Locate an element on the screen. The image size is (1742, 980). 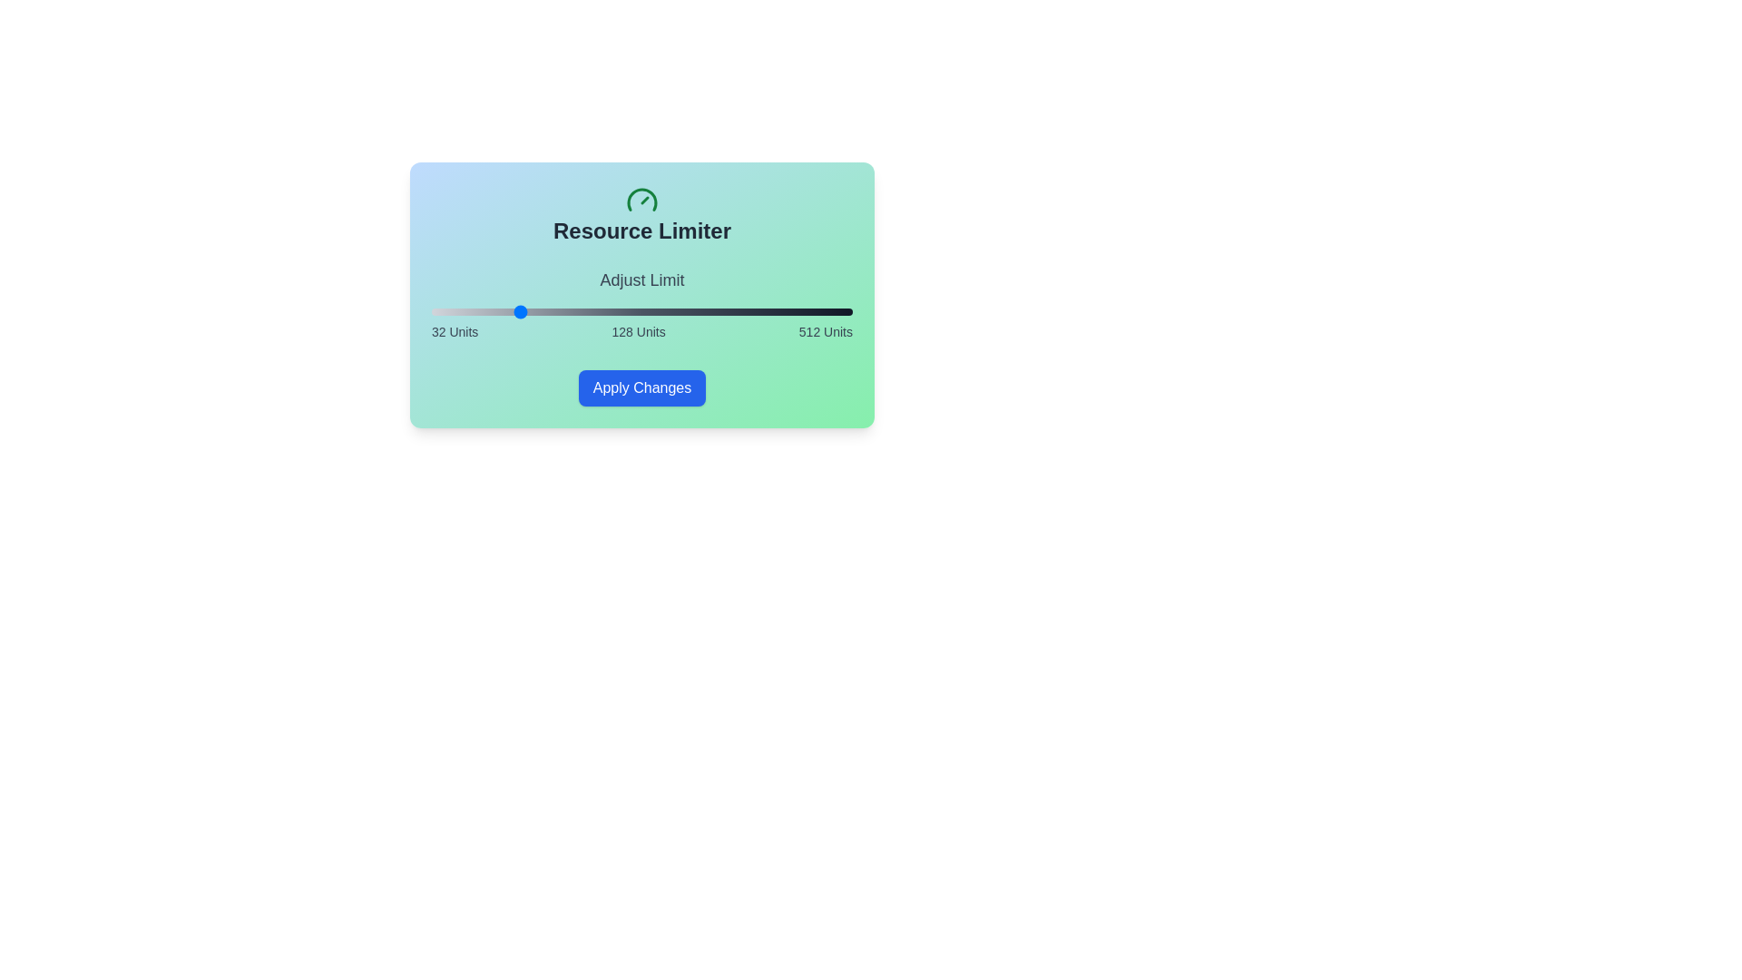
the slider to set its value to 431 is located at coordinates (781, 310).